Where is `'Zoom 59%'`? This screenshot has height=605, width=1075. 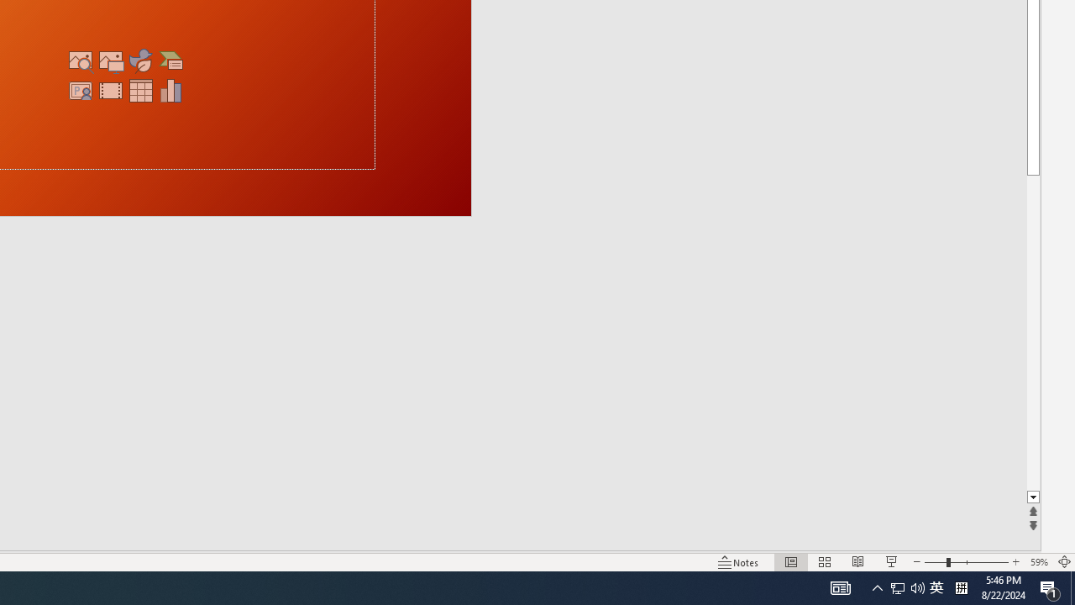 'Zoom 59%' is located at coordinates (1038, 562).